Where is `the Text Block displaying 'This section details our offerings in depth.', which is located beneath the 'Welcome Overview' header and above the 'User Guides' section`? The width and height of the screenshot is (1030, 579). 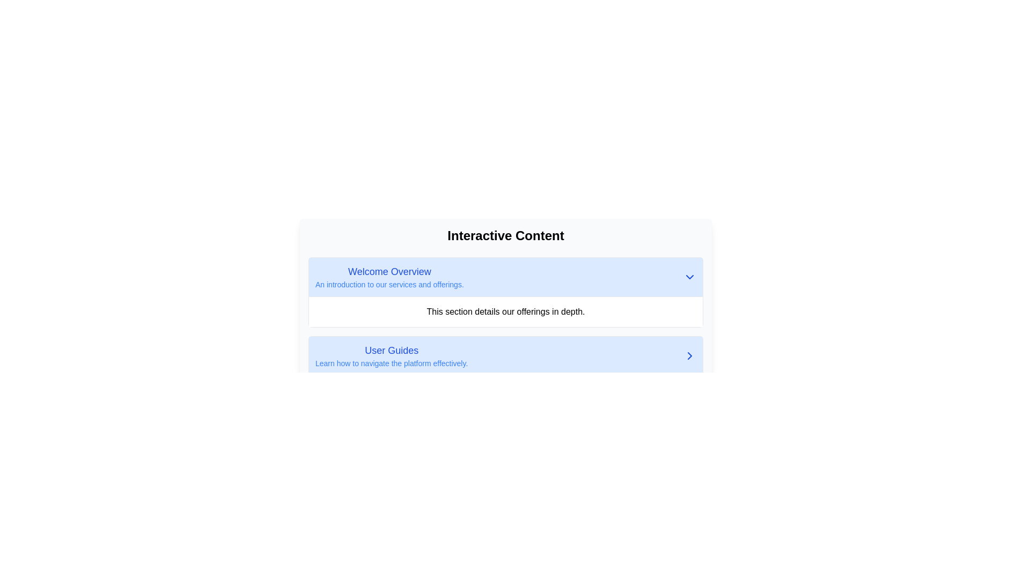
the Text Block displaying 'This section details our offerings in depth.', which is located beneath the 'Welcome Overview' header and above the 'User Guides' section is located at coordinates (505, 312).